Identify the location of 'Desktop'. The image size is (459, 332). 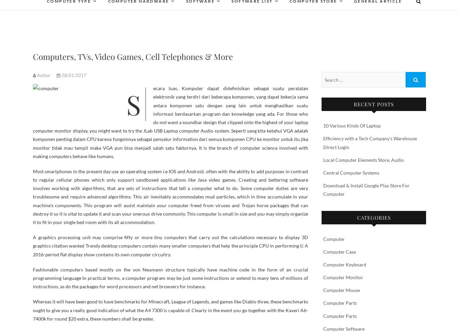
(196, 47).